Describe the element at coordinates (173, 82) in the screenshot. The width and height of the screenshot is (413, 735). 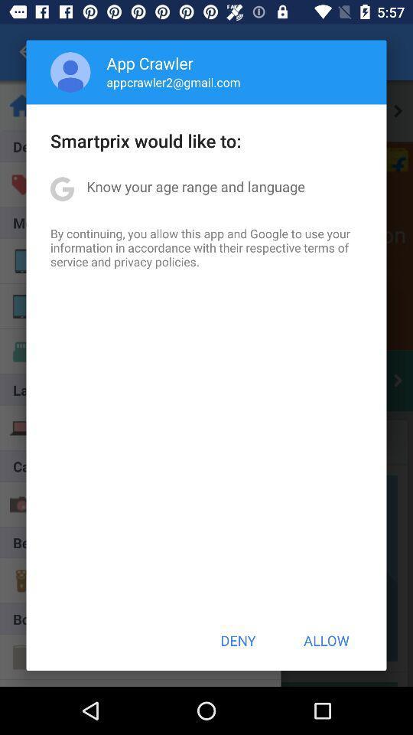
I see `app above smartprix would like` at that location.